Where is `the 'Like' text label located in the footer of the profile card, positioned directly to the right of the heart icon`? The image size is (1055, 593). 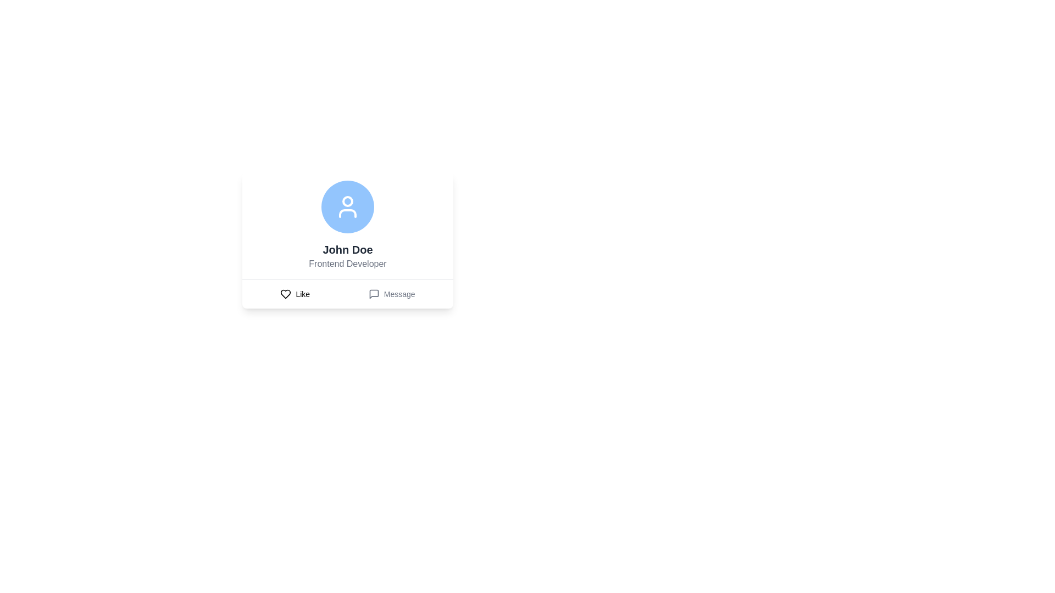 the 'Like' text label located in the footer of the profile card, positioned directly to the right of the heart icon is located at coordinates (303, 294).